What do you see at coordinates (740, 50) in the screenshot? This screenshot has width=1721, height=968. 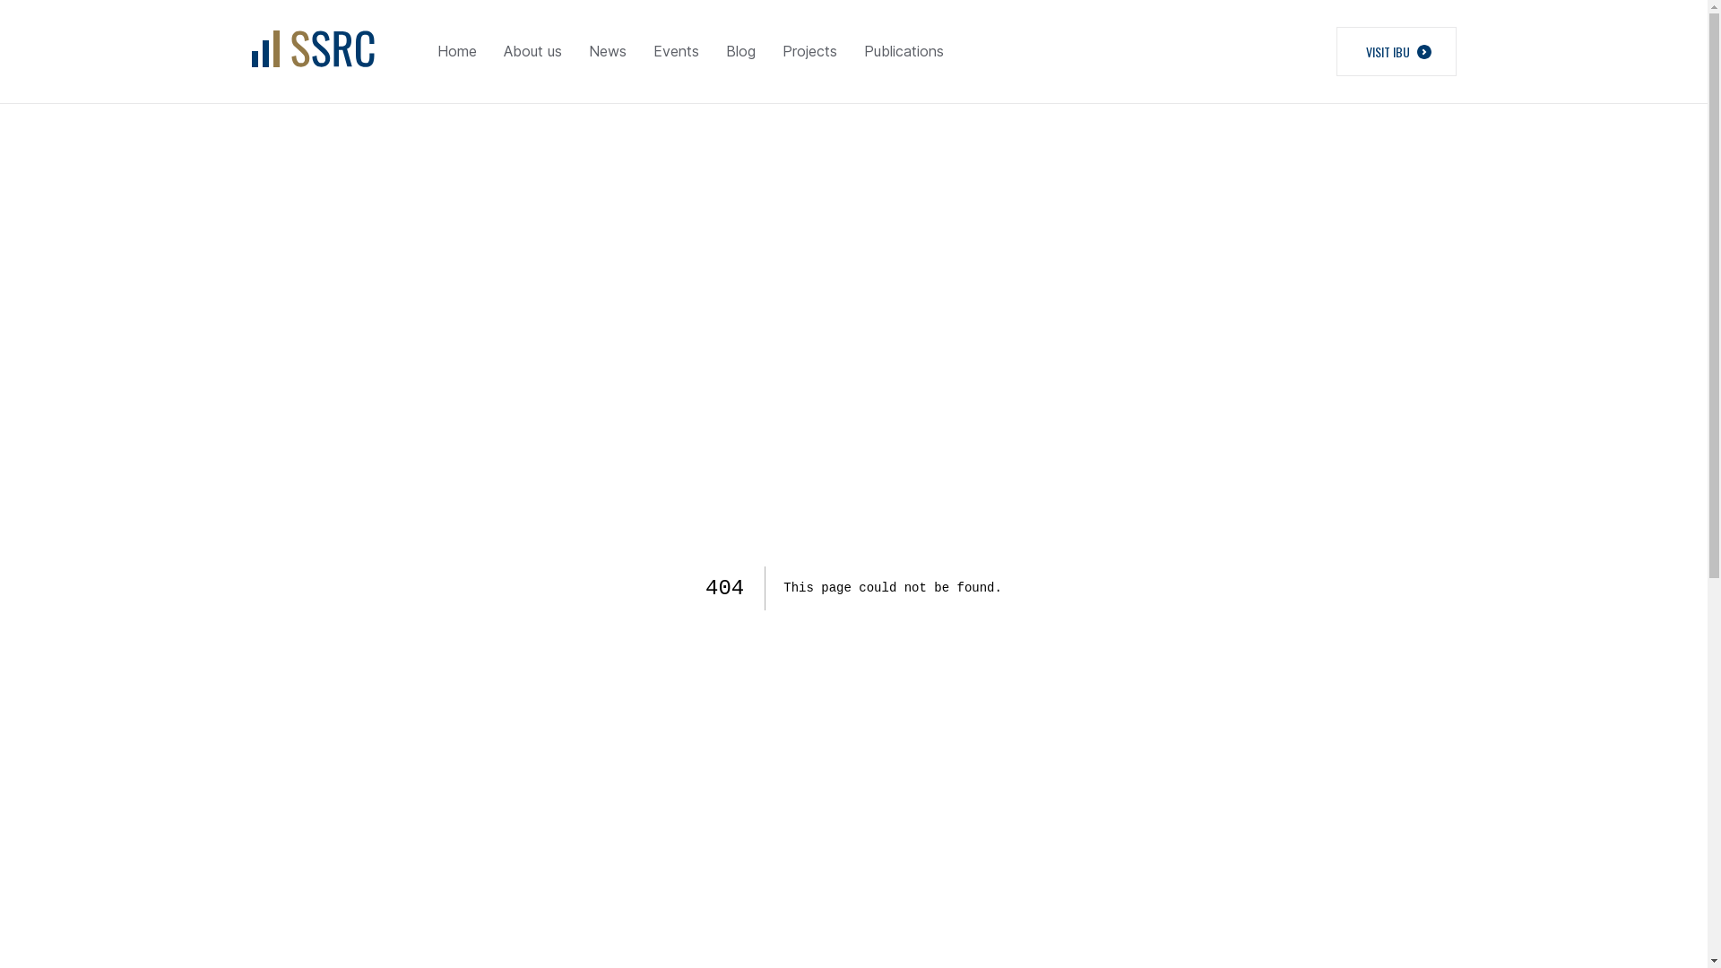 I see `'Blog'` at bounding box center [740, 50].